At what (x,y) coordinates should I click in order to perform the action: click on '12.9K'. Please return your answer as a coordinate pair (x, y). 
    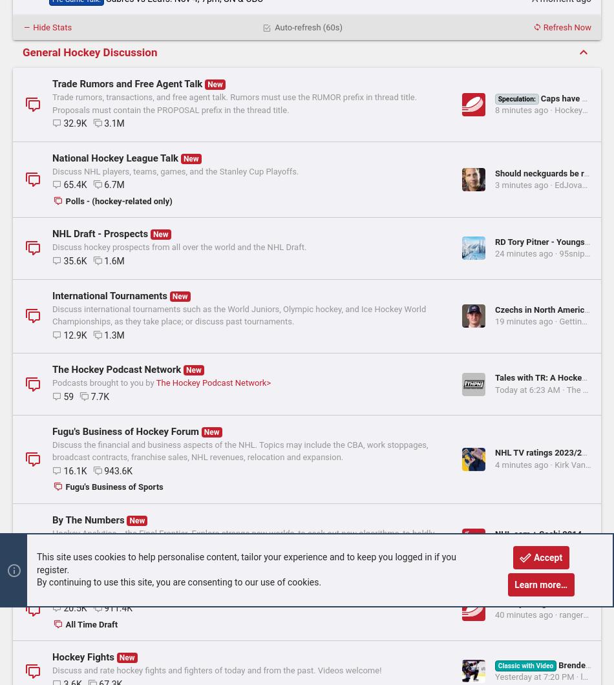
    Looking at the image, I should click on (74, 424).